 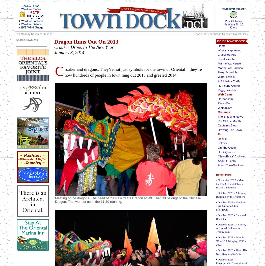 I want to click on '•  October 2023 - Hundreds Turn Up for a Chili Meltdown', so click(x=231, y=206).